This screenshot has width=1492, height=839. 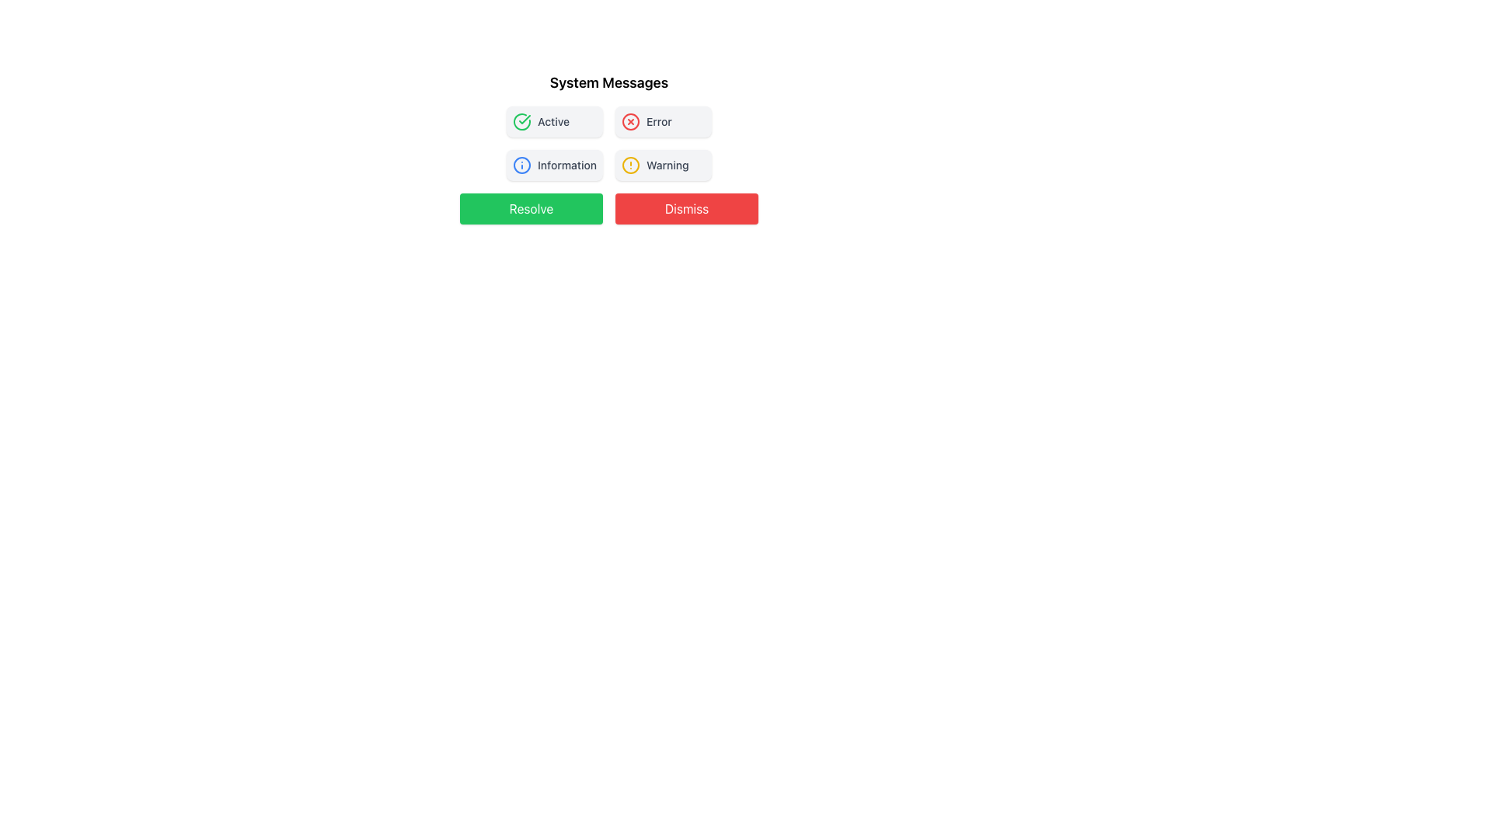 I want to click on the Static Indicator (Label with Icon) that serves as an error status indicator, positioned in the top row of a grid layout, to the right of the 'Active' element, so click(x=664, y=121).